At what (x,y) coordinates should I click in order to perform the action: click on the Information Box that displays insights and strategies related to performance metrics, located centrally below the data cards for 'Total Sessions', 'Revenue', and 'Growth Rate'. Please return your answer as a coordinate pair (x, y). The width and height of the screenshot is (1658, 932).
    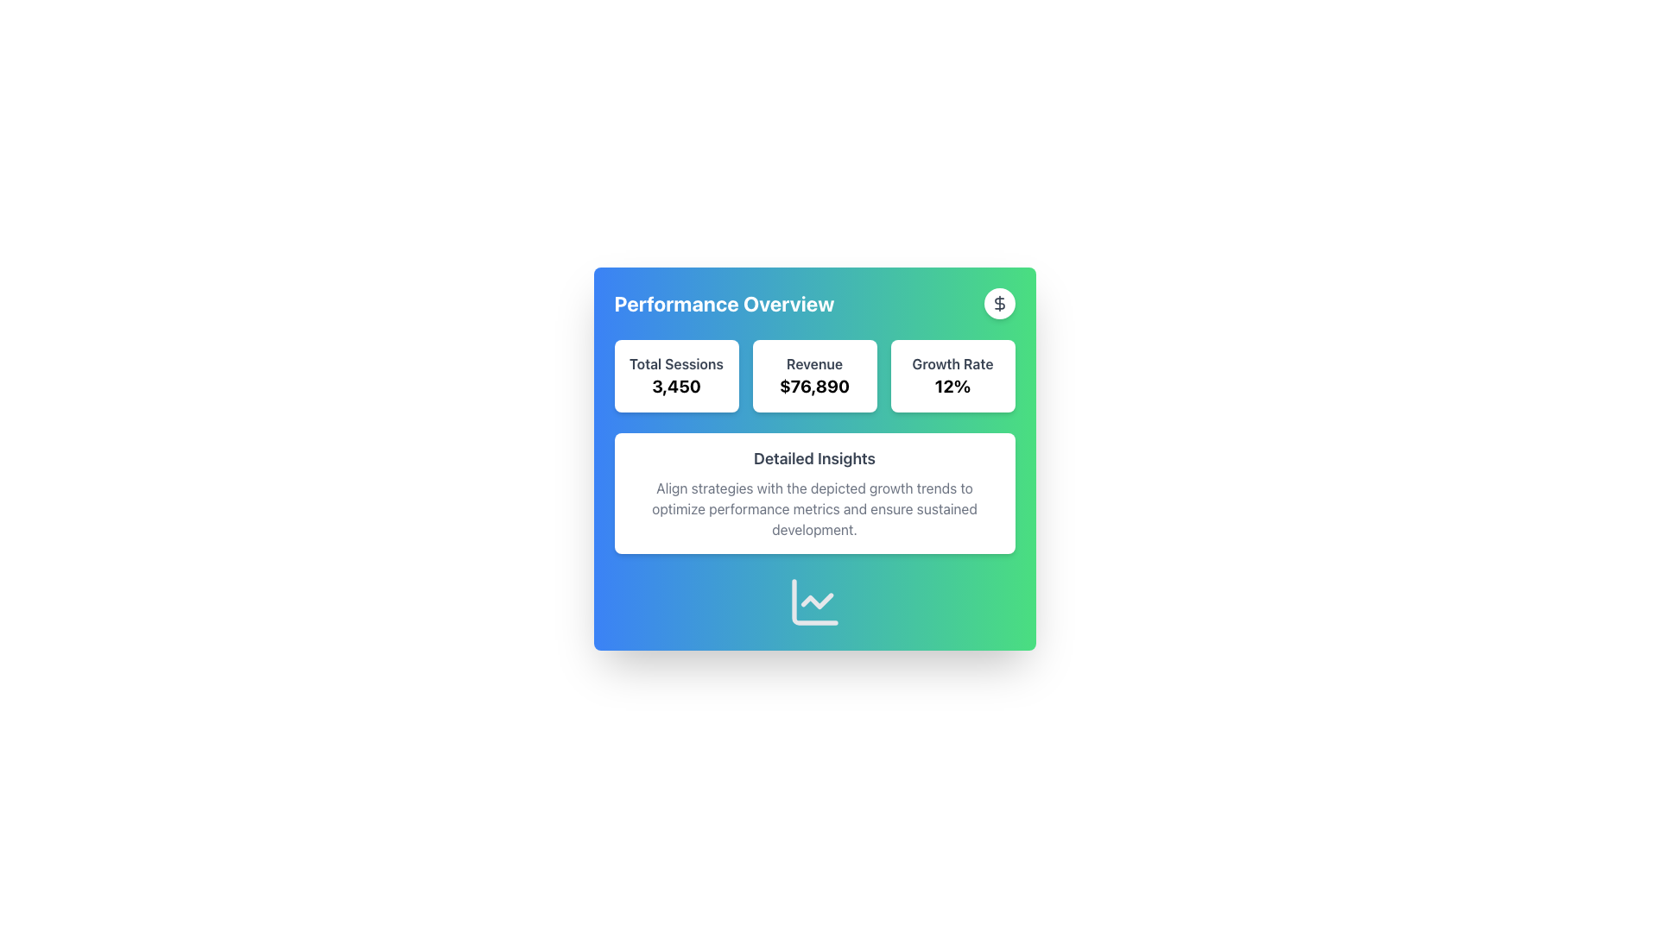
    Looking at the image, I should click on (813, 445).